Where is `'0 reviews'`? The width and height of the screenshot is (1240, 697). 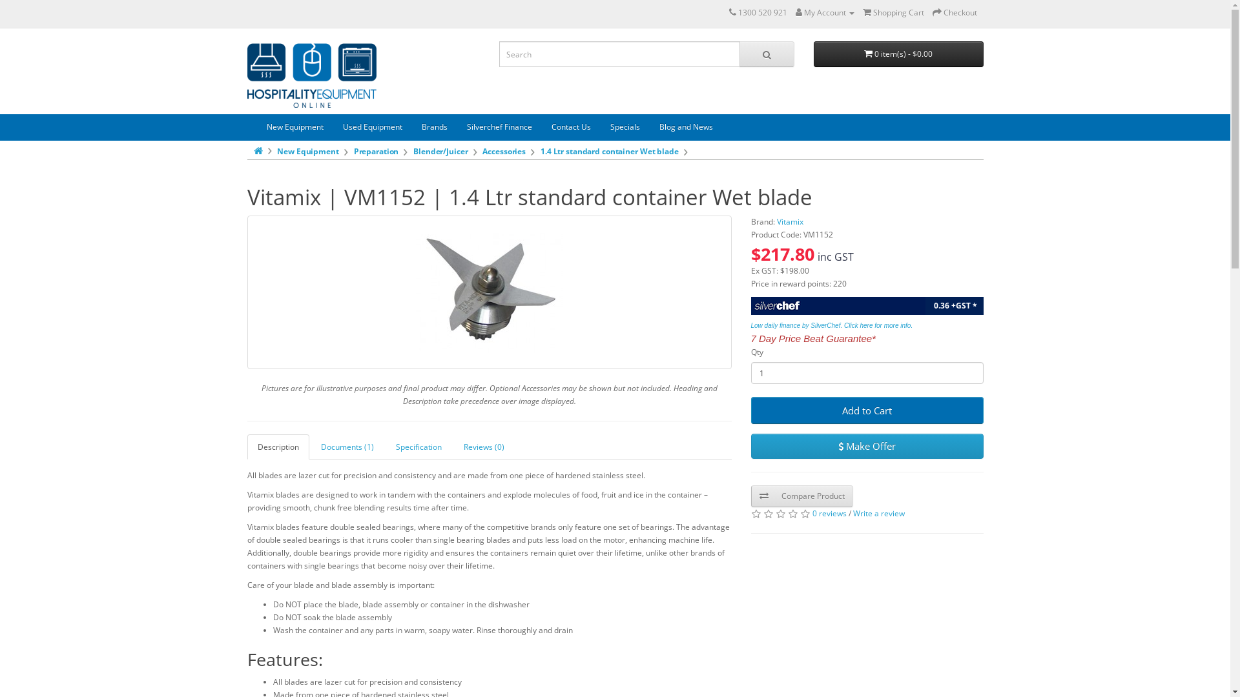
'0 reviews' is located at coordinates (829, 512).